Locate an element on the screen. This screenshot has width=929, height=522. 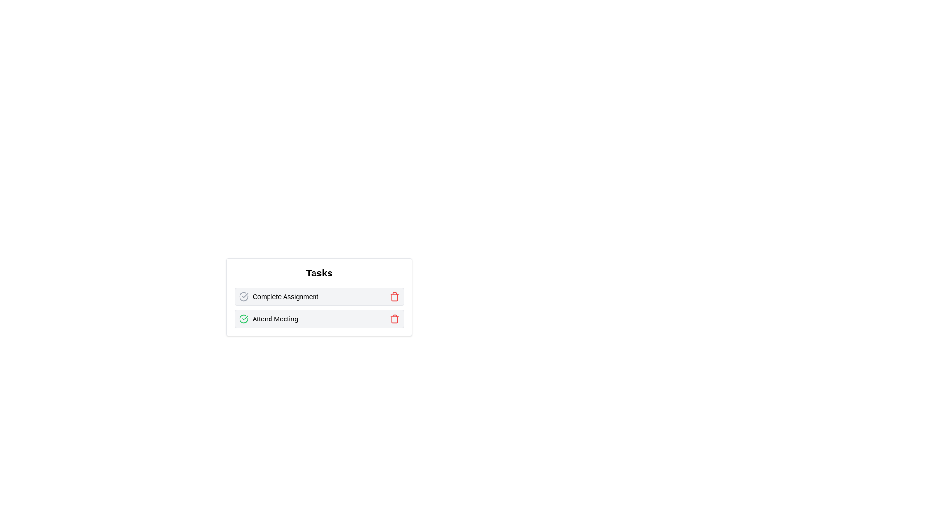
the green circular icon with a checkmark located in the second row of the 'Tasks' section, aligned to the far left, adjacent to the text 'Attend Meeting' is located at coordinates (244, 319).